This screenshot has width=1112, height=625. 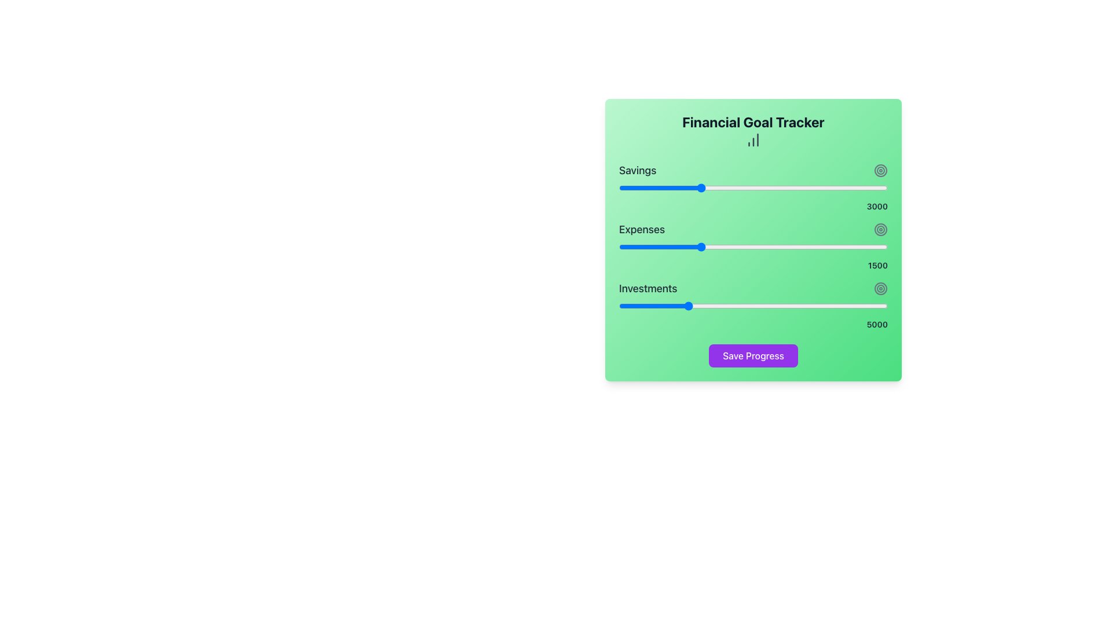 What do you see at coordinates (880, 230) in the screenshot?
I see `properties of the outermost SVG circle in the concentric circle design, located adjacent to the 'Expenses' label and the numeric value '3000'` at bounding box center [880, 230].